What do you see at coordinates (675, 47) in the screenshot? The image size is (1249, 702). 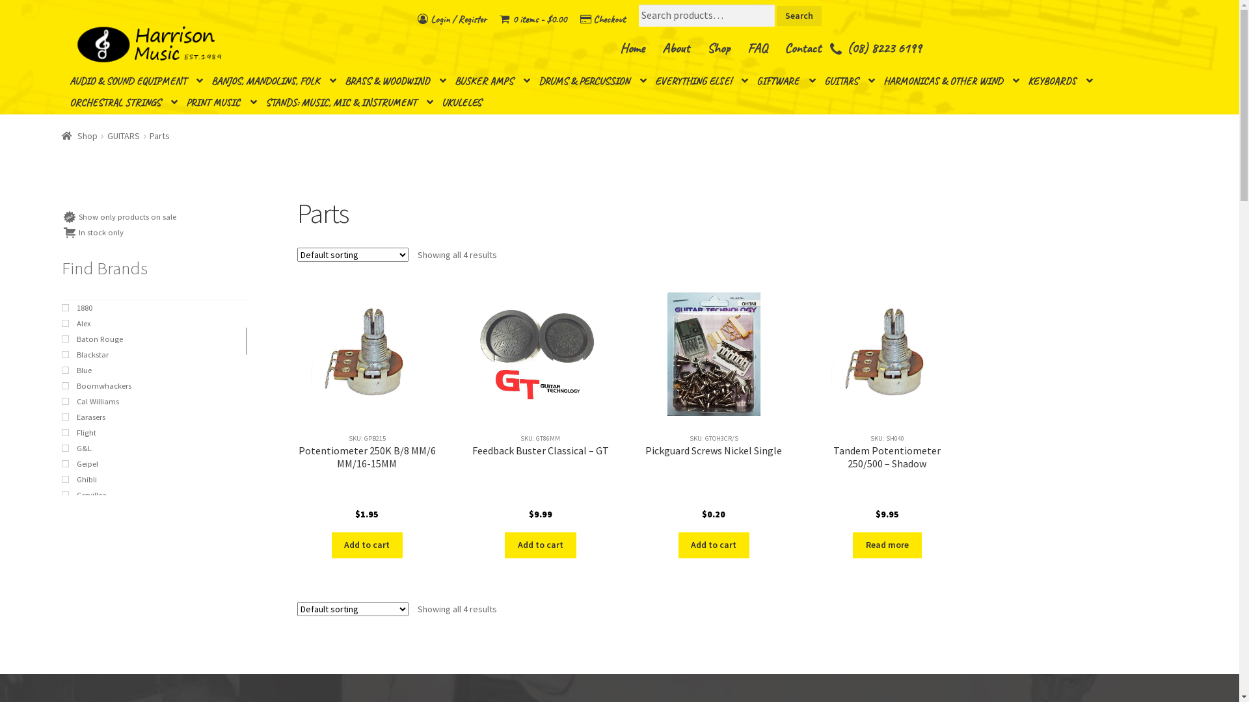 I see `'About'` at bounding box center [675, 47].